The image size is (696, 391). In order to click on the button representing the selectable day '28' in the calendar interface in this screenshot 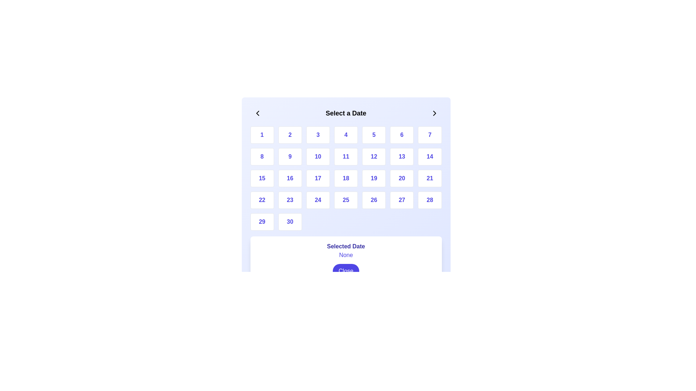, I will do `click(430, 200)`.